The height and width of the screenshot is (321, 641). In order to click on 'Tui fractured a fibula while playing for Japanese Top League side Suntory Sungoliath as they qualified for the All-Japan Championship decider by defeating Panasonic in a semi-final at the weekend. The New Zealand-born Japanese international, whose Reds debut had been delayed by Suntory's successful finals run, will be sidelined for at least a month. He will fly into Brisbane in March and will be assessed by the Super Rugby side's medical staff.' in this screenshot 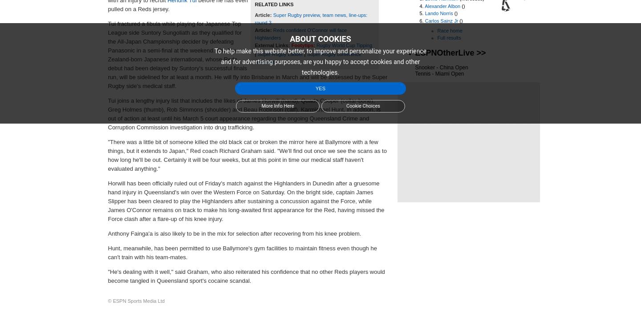, I will do `click(247, 55)`.